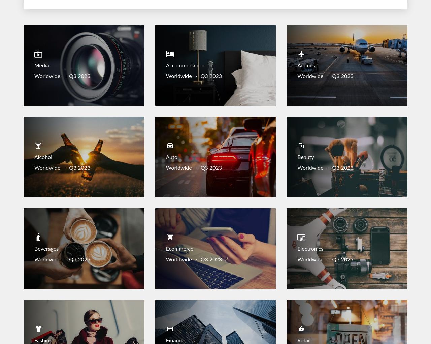 The image size is (431, 344). I want to click on 'Media', so click(34, 65).